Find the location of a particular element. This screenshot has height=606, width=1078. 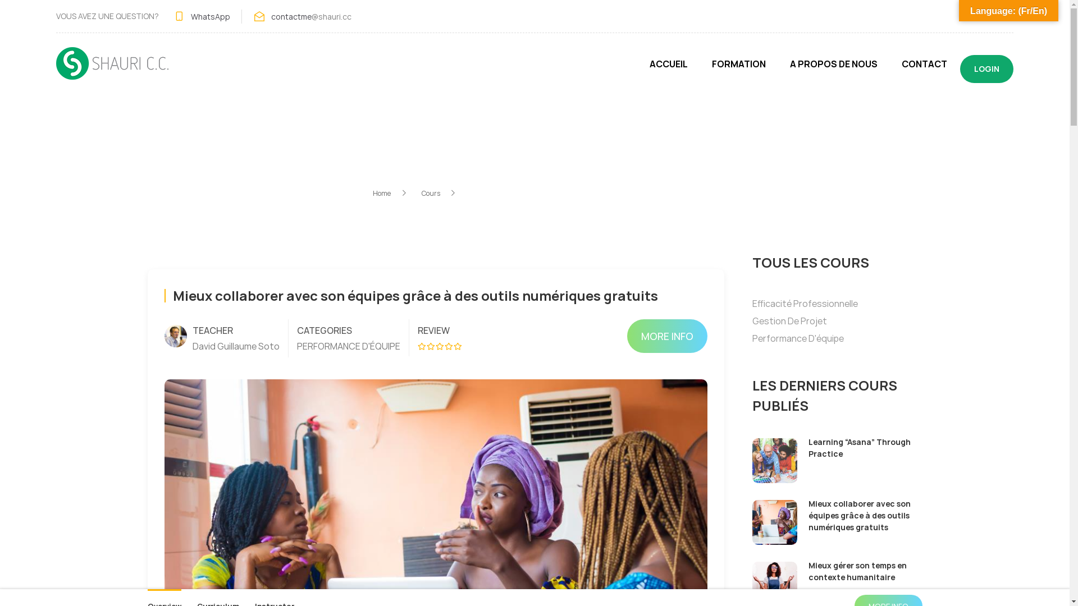

'CONTACT' is located at coordinates (924, 69).